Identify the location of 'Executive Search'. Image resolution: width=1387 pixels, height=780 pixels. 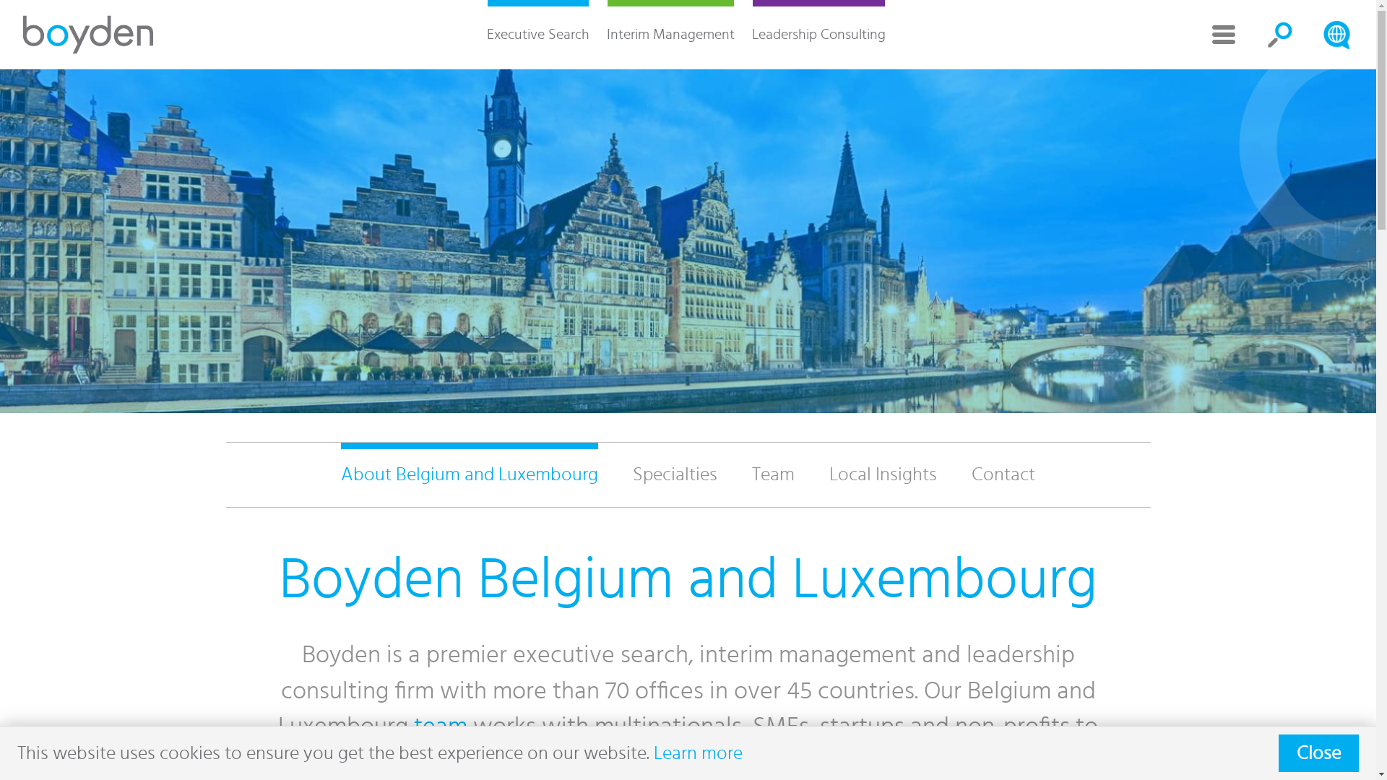
(537, 33).